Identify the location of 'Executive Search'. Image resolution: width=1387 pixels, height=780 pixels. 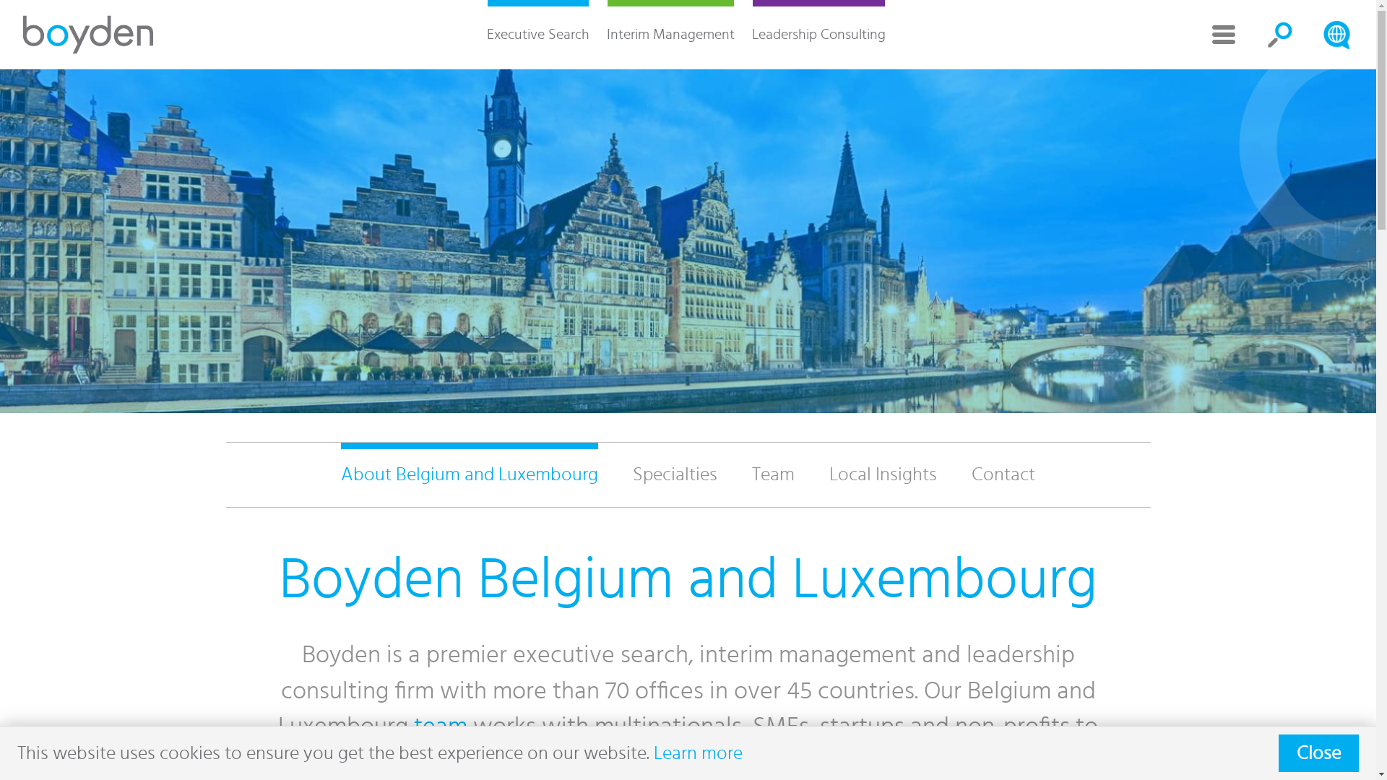
(537, 33).